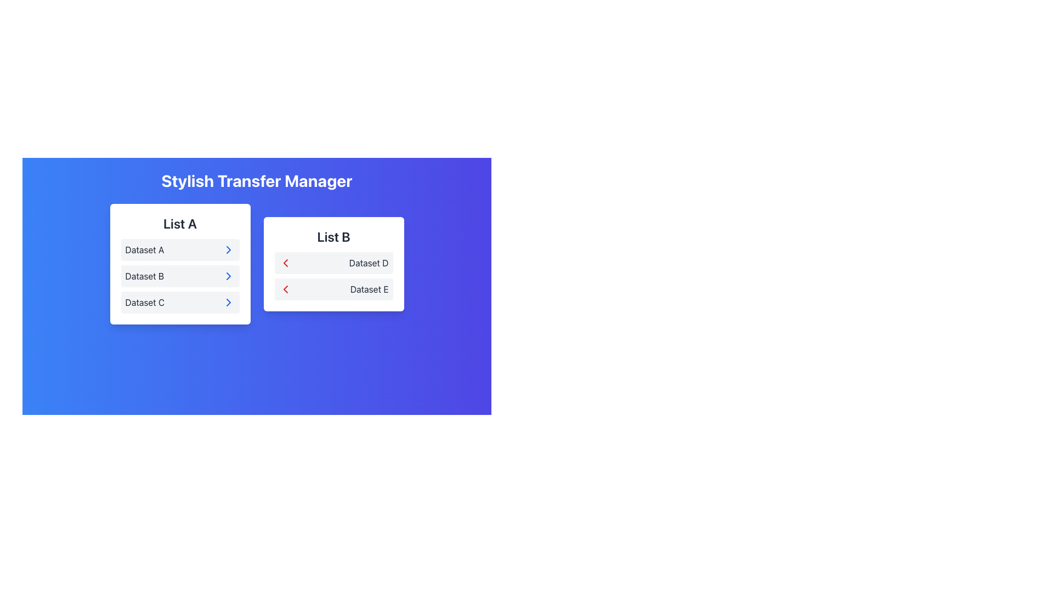  What do you see at coordinates (180, 249) in the screenshot?
I see `the first list item labeled 'Dataset A' in the vertical list of 'List A'` at bounding box center [180, 249].